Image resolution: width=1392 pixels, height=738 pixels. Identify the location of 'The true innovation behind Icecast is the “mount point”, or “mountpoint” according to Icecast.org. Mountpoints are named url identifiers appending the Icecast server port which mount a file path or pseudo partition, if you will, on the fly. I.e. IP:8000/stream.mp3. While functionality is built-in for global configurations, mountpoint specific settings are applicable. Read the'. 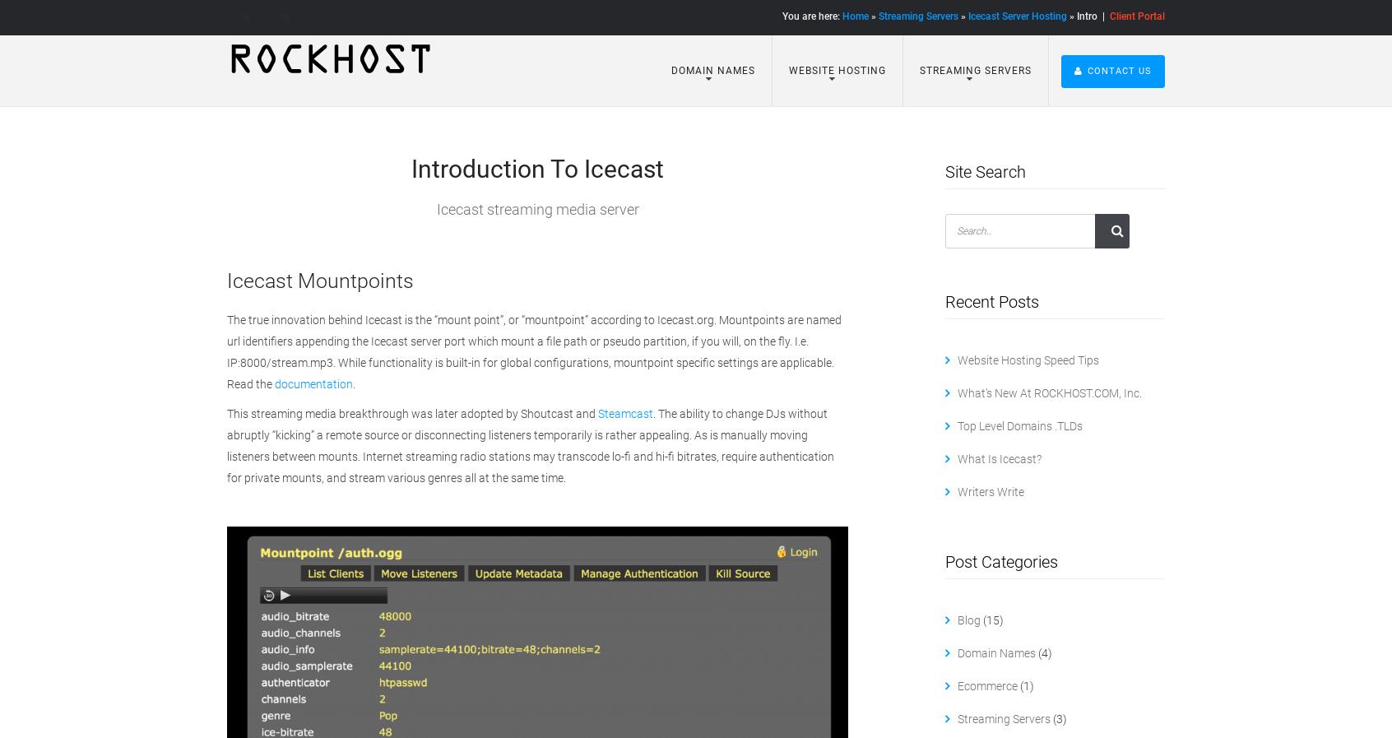
(534, 350).